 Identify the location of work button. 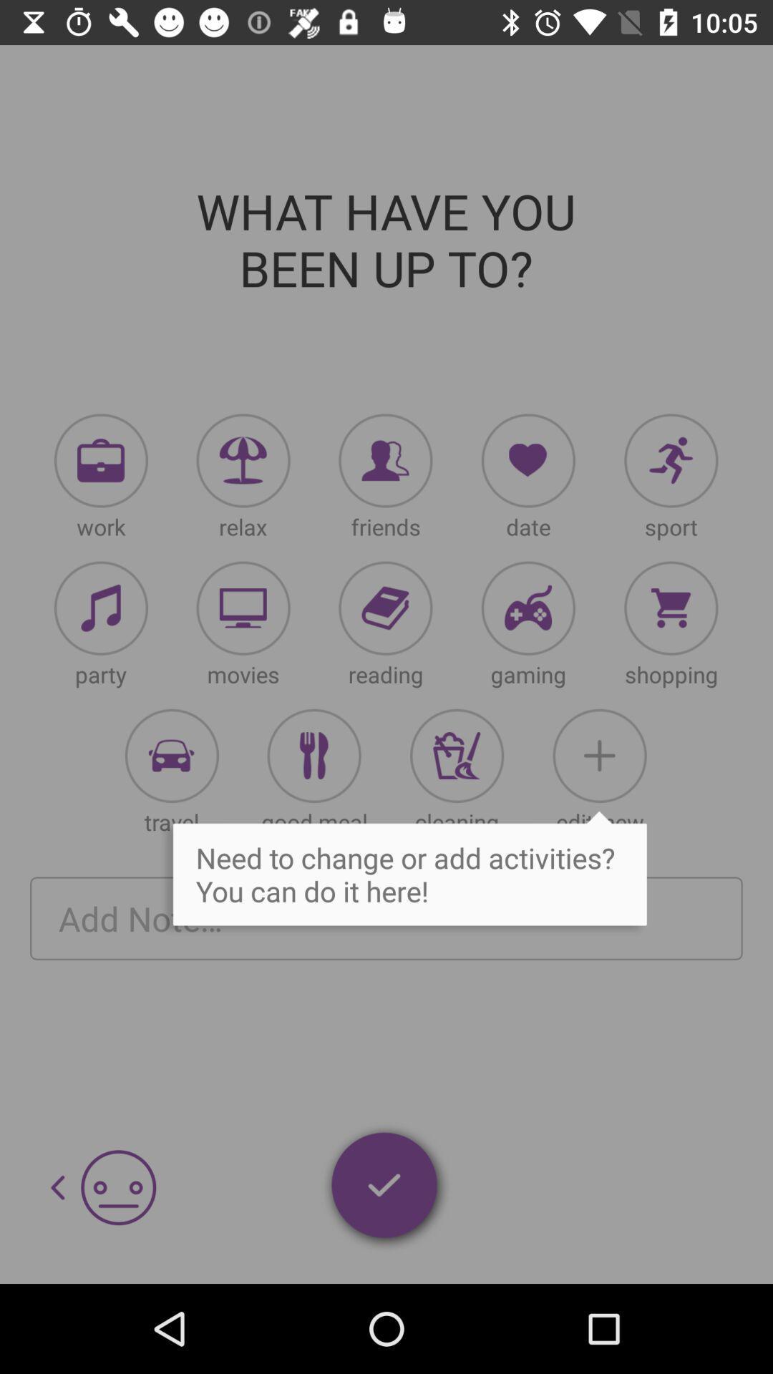
(100, 460).